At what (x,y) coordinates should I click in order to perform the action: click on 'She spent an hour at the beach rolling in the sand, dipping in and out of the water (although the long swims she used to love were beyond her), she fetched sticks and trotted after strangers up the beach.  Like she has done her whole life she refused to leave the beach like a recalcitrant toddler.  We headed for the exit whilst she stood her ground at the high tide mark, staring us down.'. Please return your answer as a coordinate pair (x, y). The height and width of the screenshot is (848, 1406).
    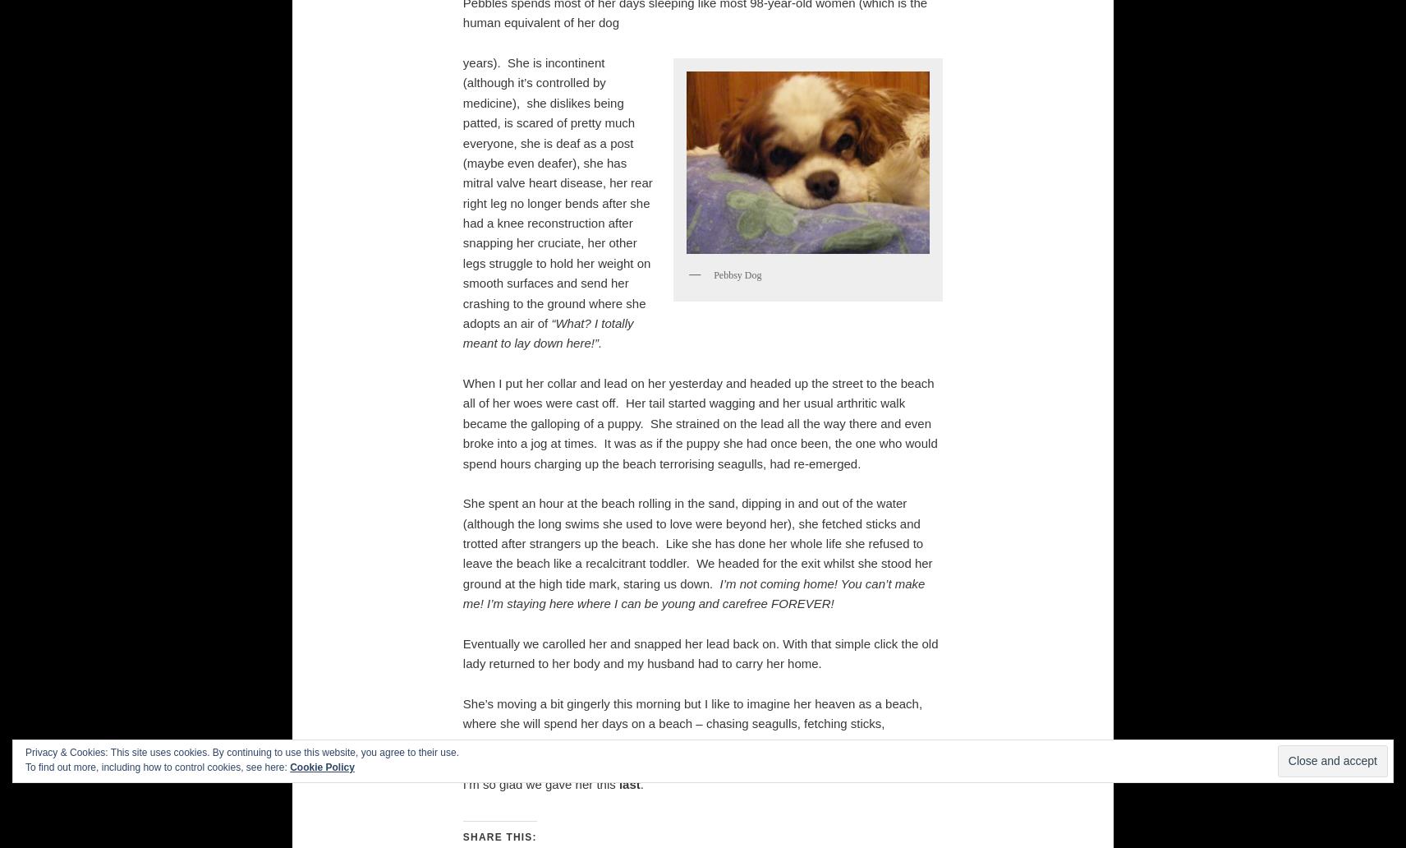
    Looking at the image, I should click on (696, 542).